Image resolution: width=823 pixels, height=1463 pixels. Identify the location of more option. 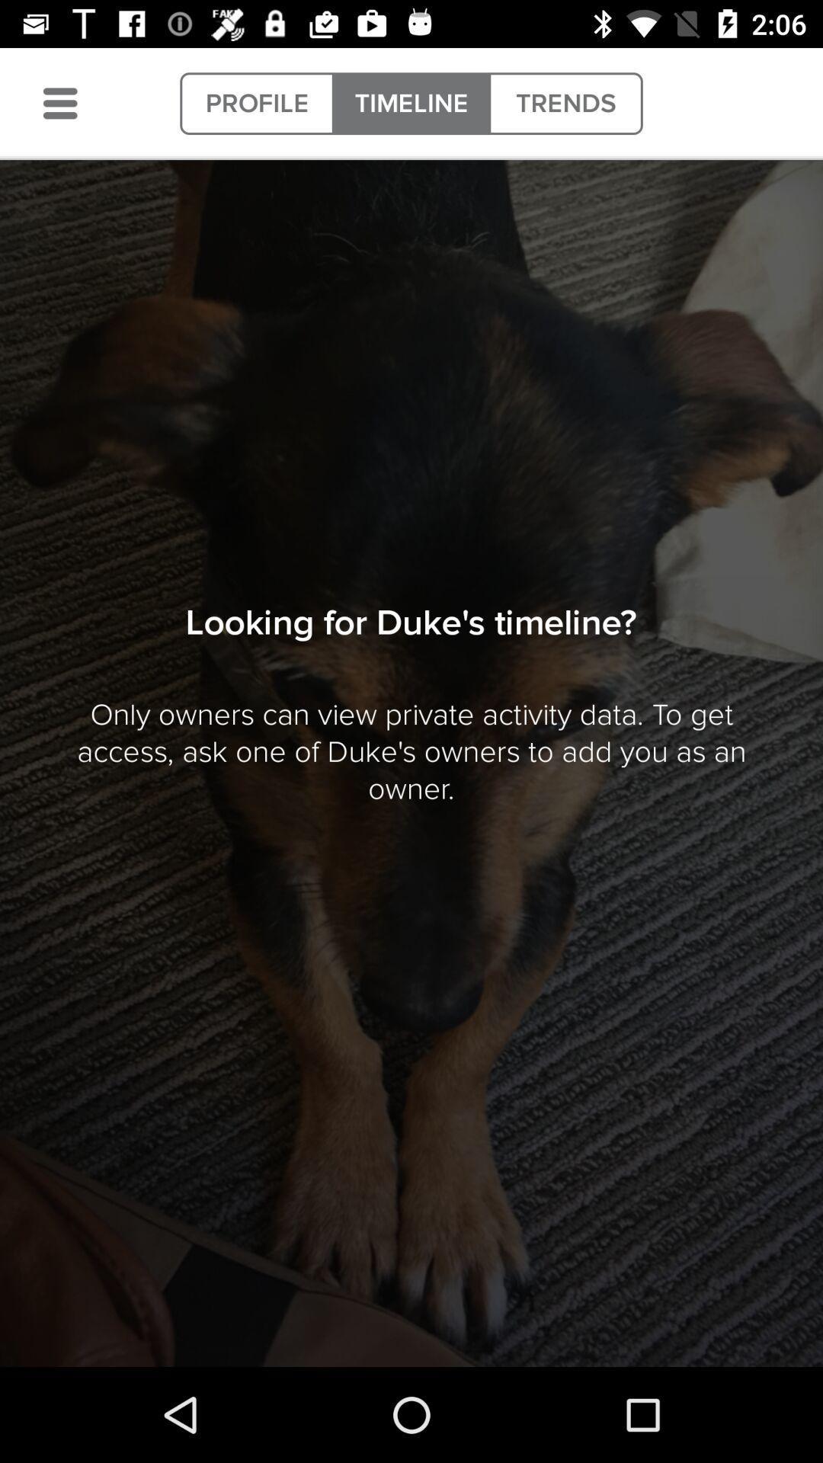
(59, 103).